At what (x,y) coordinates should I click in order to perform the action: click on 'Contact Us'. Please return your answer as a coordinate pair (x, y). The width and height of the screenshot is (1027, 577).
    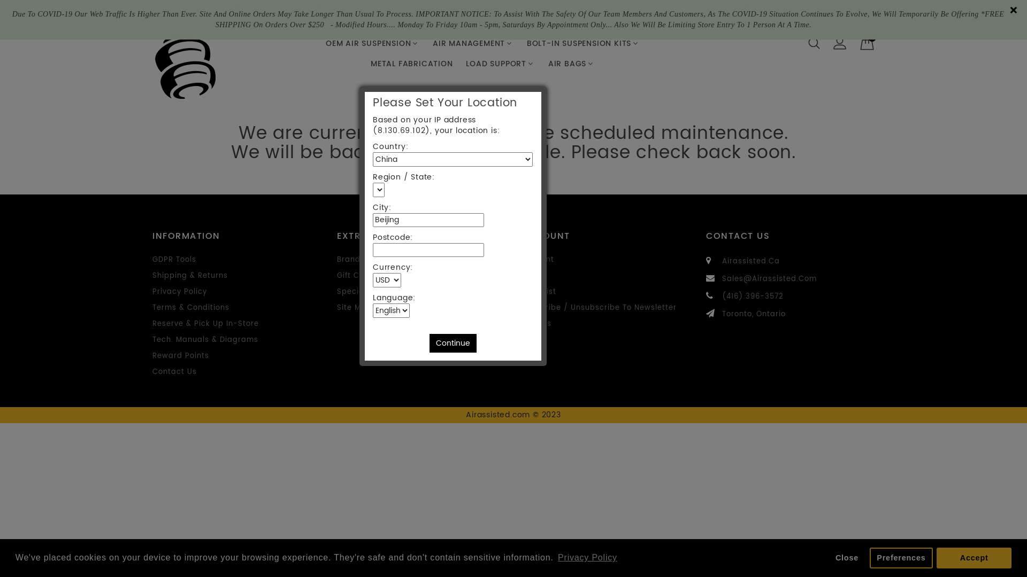
    Looking at the image, I should click on (174, 371).